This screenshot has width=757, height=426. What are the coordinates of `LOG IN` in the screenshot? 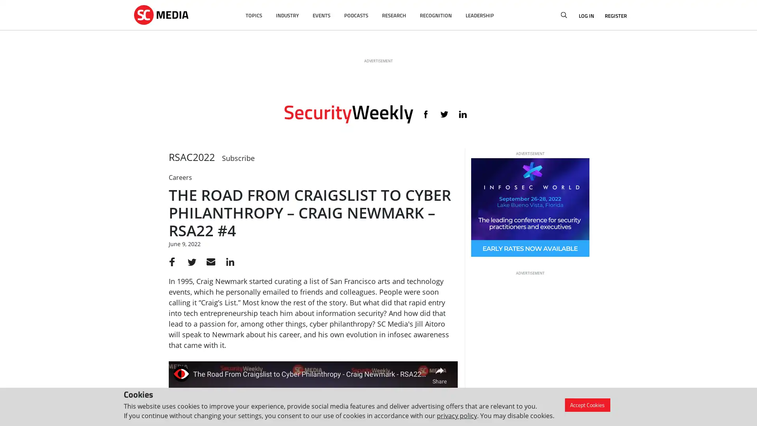 It's located at (586, 15).